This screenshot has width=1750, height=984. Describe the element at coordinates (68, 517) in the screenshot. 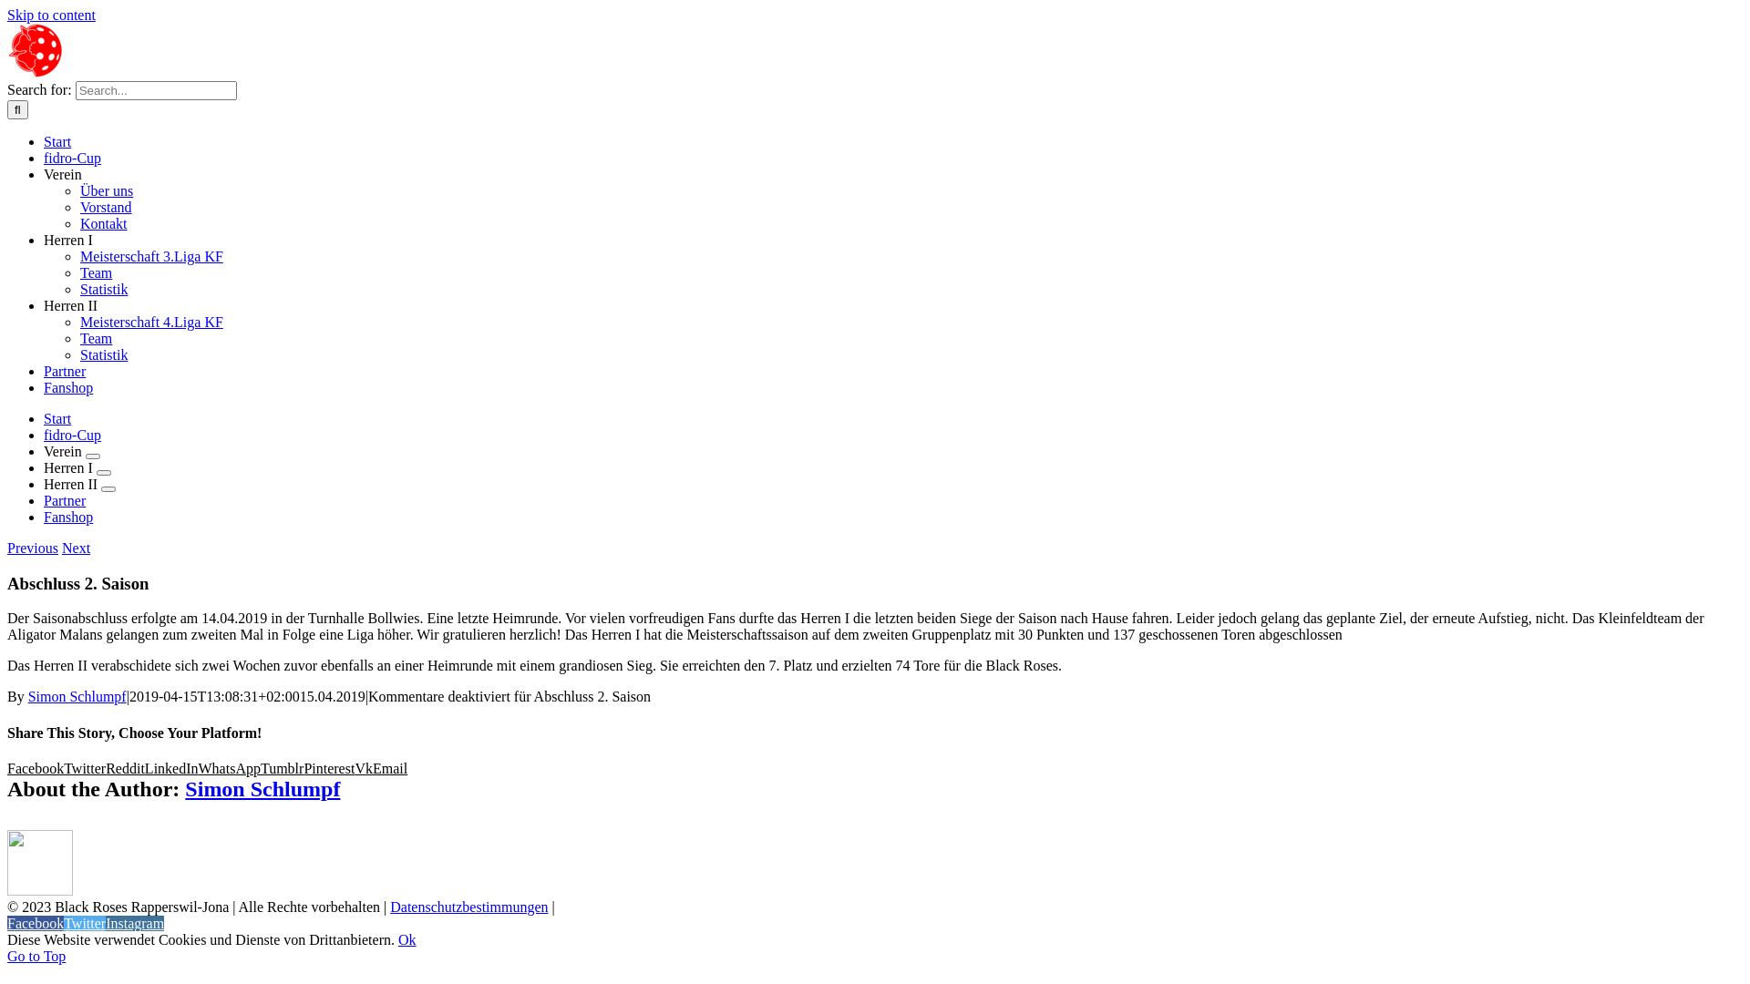

I see `'Fanshop'` at that location.